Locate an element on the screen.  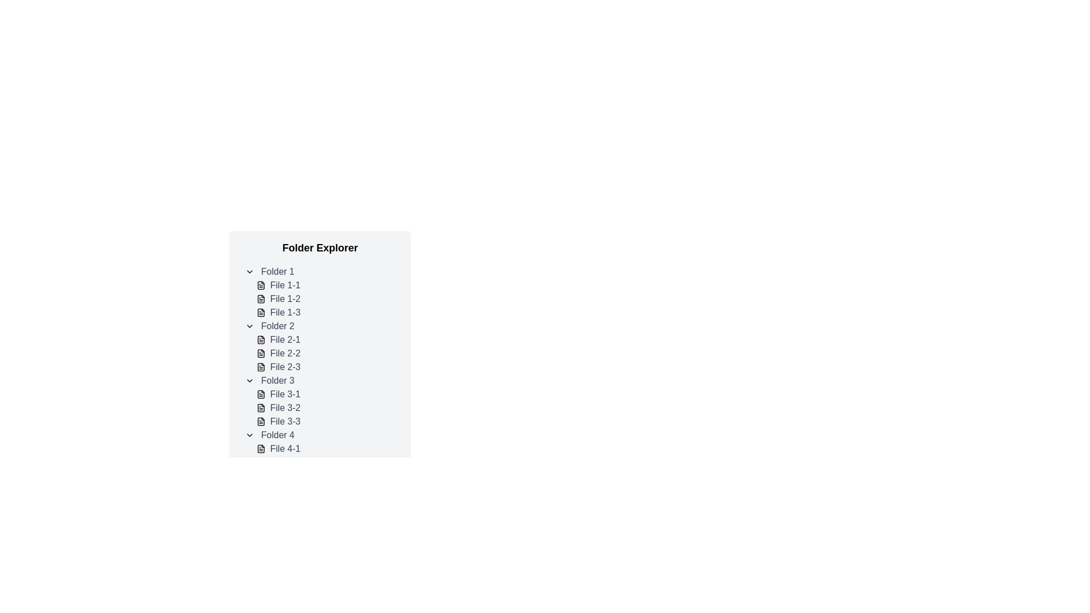
the 'Folder 4' text label in the vertical list under 'Folder Explorer' is located at coordinates (278, 435).